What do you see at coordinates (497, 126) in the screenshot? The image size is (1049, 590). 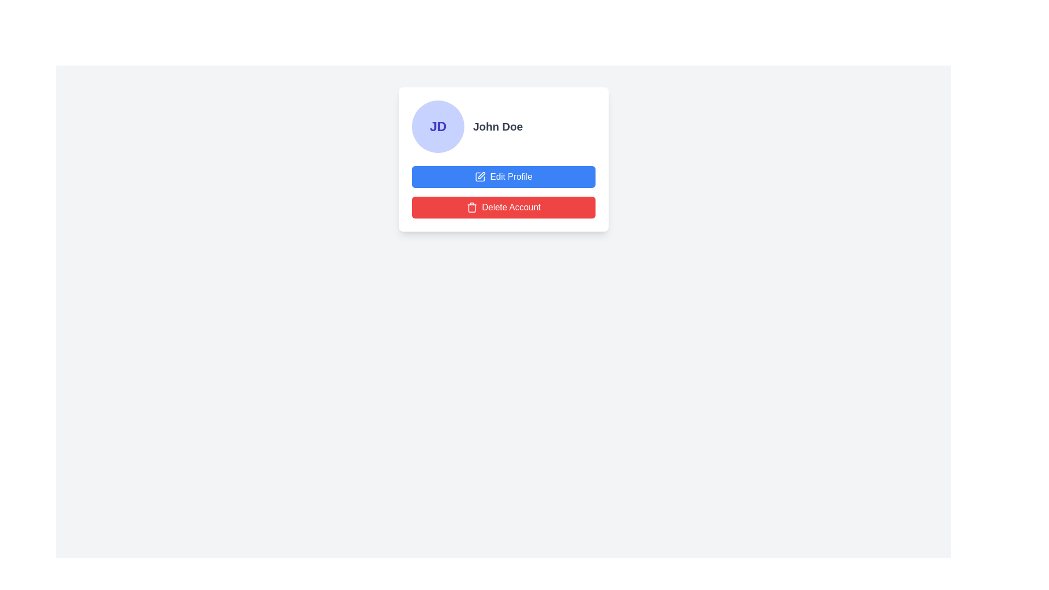 I see `the static text label that displays the user's name, located in the upper-right section of the profile card, adjacent to the avatar labeled 'JD'` at bounding box center [497, 126].